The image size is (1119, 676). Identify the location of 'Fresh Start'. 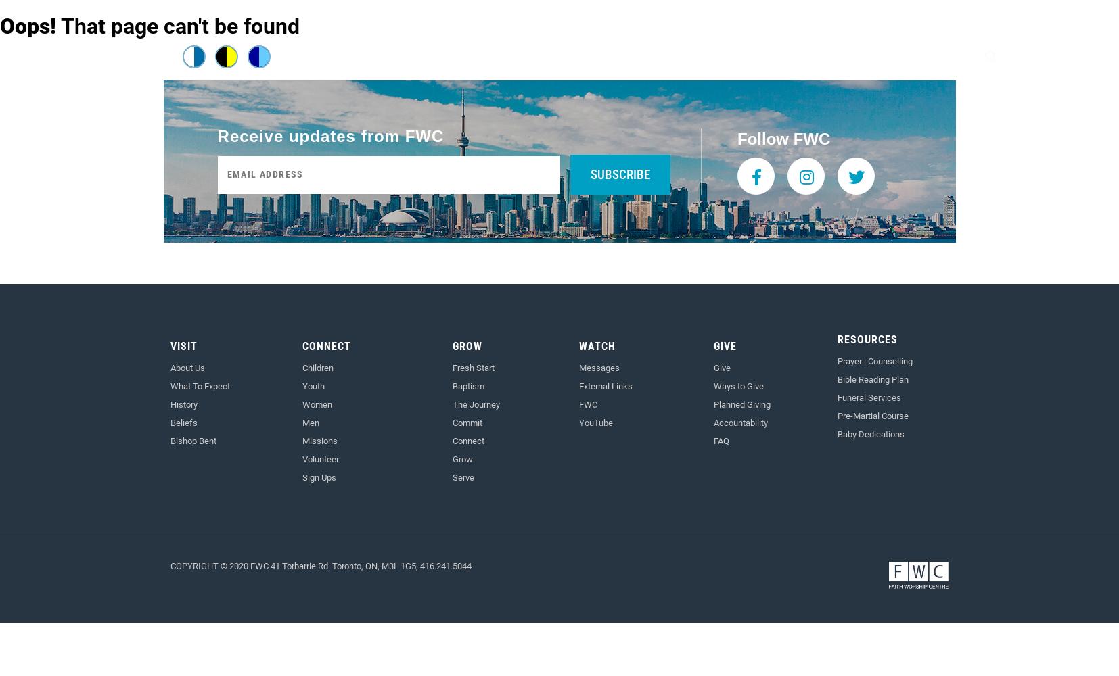
(453, 368).